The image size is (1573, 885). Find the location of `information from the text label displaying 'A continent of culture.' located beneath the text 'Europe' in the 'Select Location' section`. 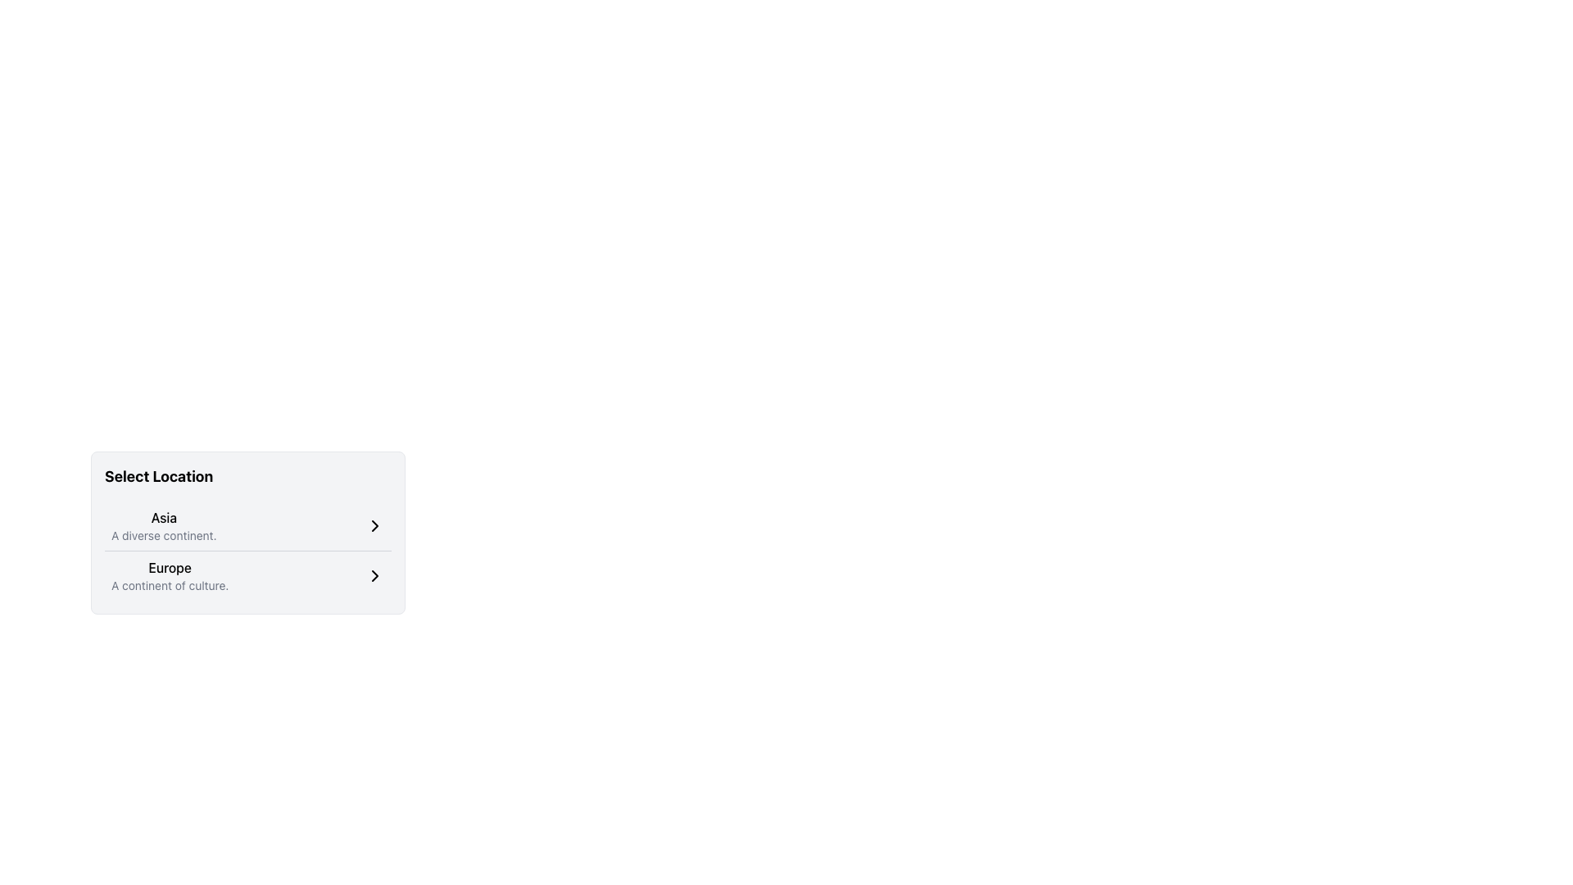

information from the text label displaying 'A continent of culture.' located beneath the text 'Europe' in the 'Select Location' section is located at coordinates (170, 584).